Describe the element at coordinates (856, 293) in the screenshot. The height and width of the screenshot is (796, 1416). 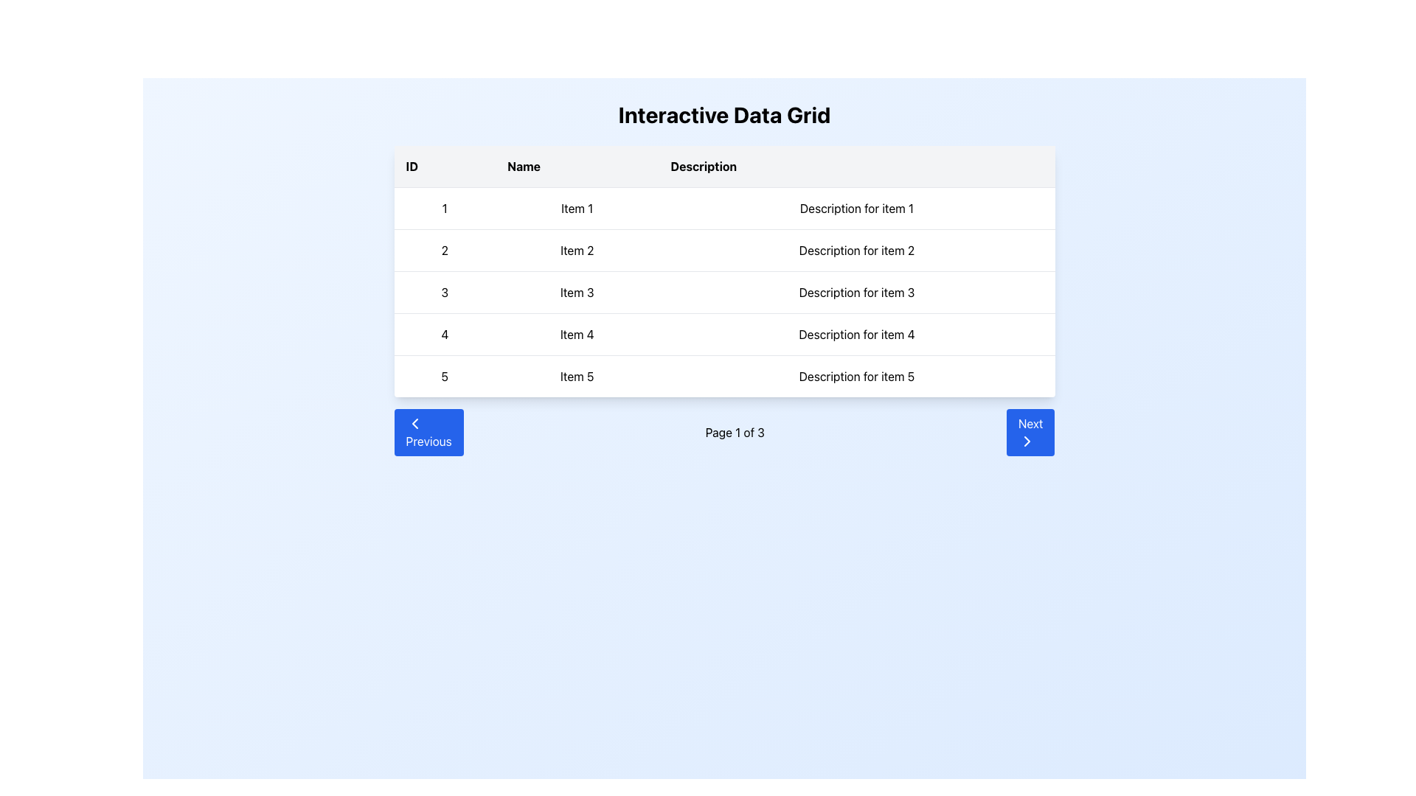
I see `the text label providing the description for item 3 in the data grid, located in the third row under the 'Description' column` at that location.